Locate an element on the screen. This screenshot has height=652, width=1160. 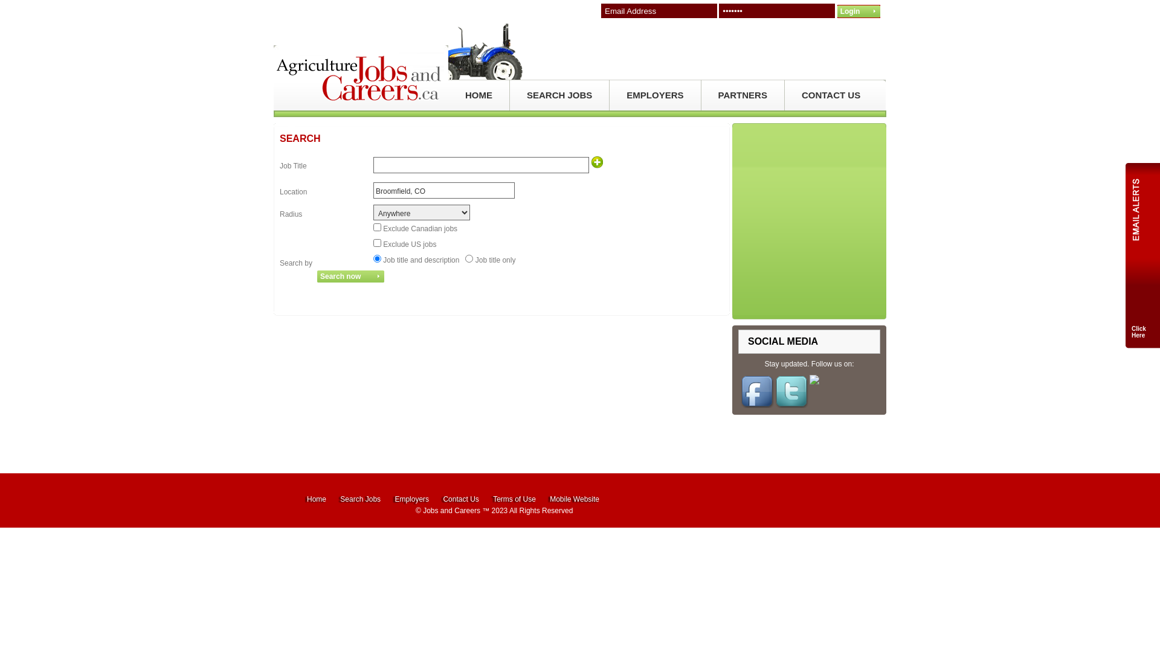
'Terms of Use' is located at coordinates (514, 499).